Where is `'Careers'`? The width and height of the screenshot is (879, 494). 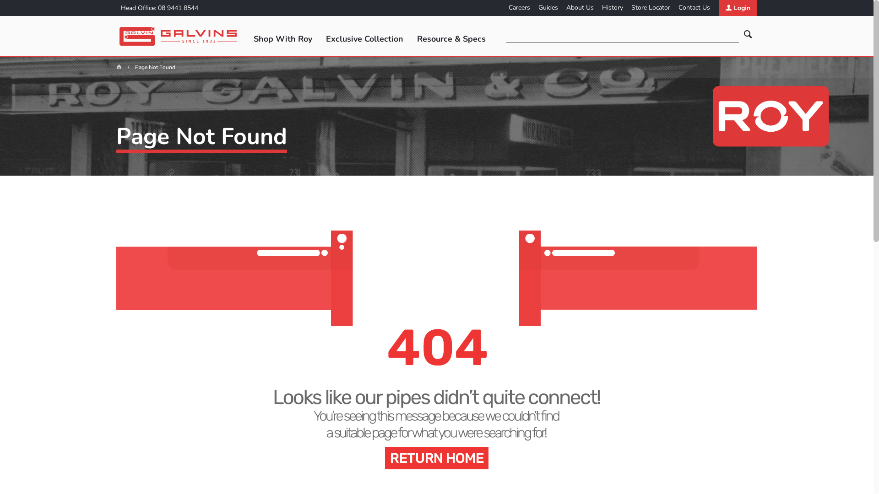 'Careers' is located at coordinates (519, 8).